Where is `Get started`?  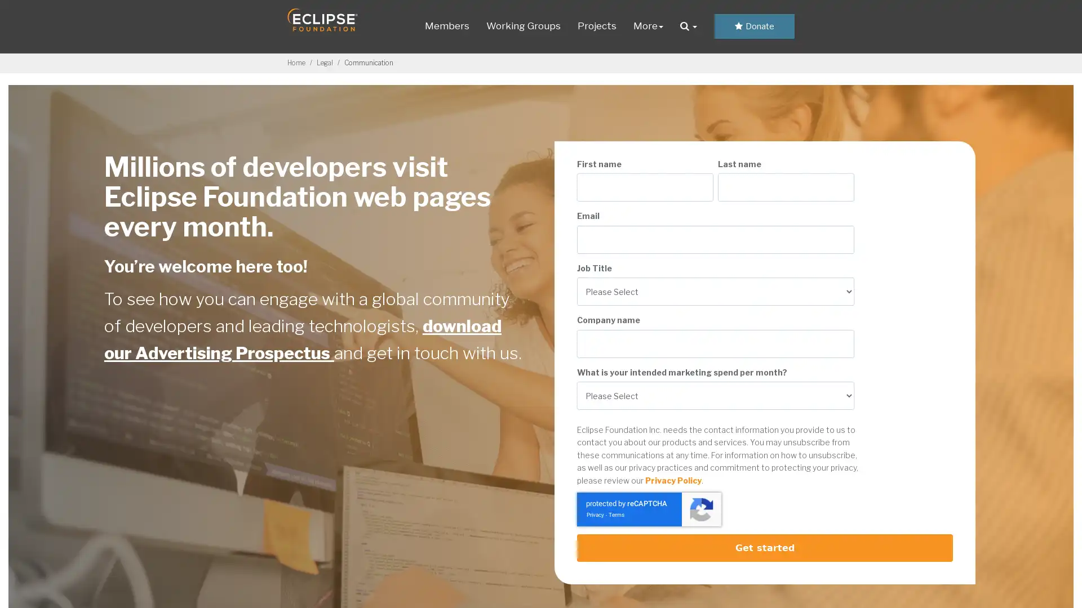
Get started is located at coordinates (765, 547).